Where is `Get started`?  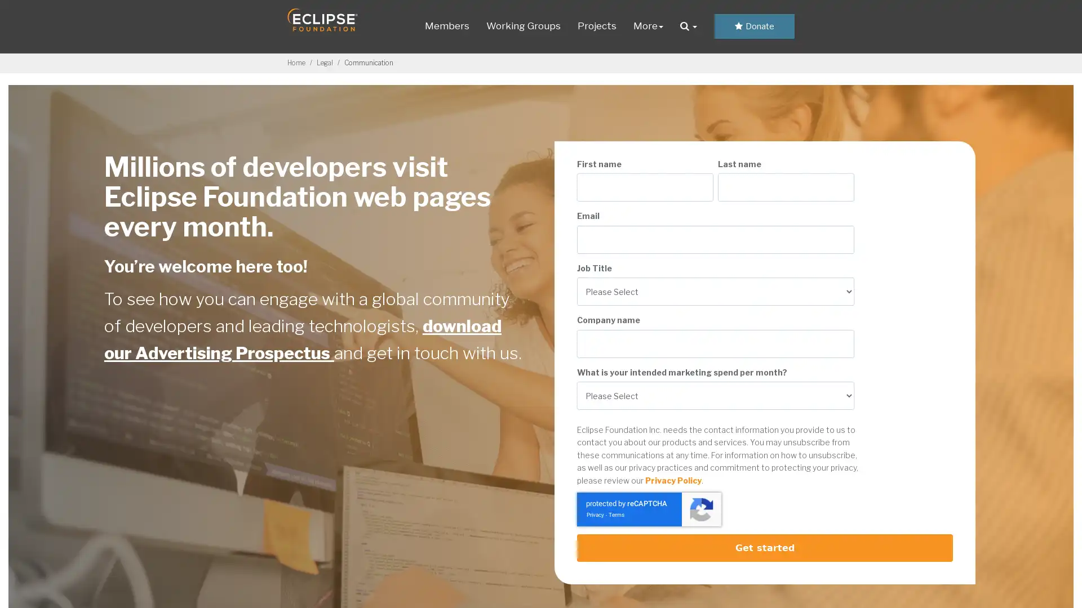
Get started is located at coordinates (765, 547).